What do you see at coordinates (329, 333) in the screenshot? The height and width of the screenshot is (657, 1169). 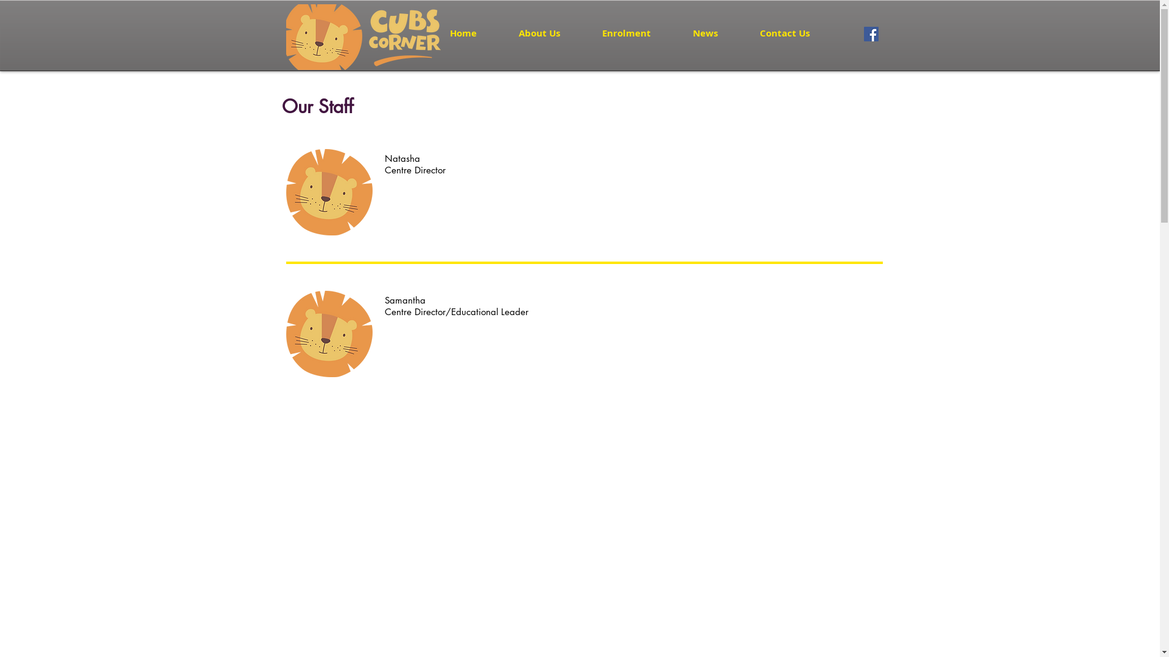 I see `'head.png'` at bounding box center [329, 333].